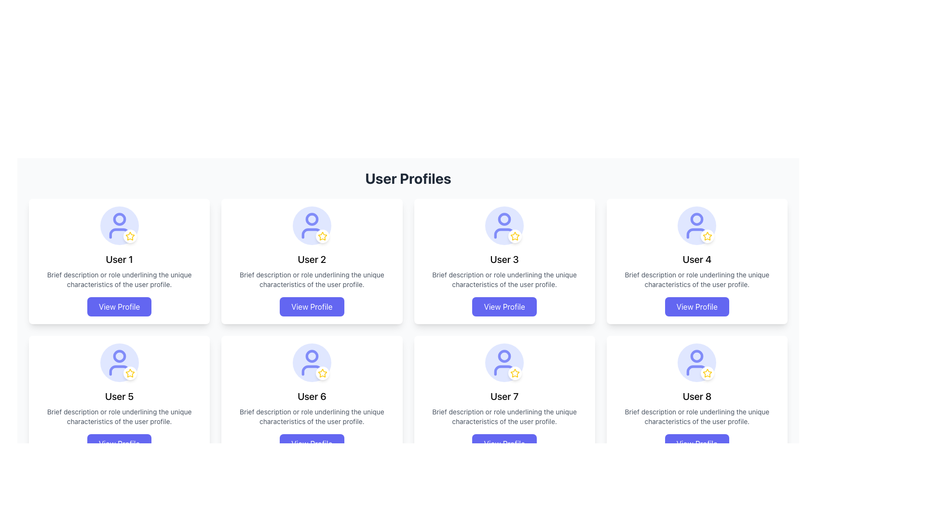  Describe the element at coordinates (708, 236) in the screenshot. I see `the circular button with a yellow star icon located at the bottom-right corner of the profile image area for 'User 4'` at that location.